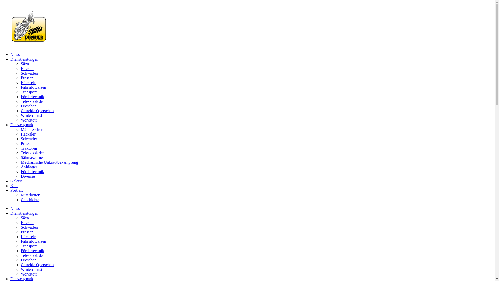 The width and height of the screenshot is (499, 281). What do you see at coordinates (31, 269) in the screenshot?
I see `'Winterdienst'` at bounding box center [31, 269].